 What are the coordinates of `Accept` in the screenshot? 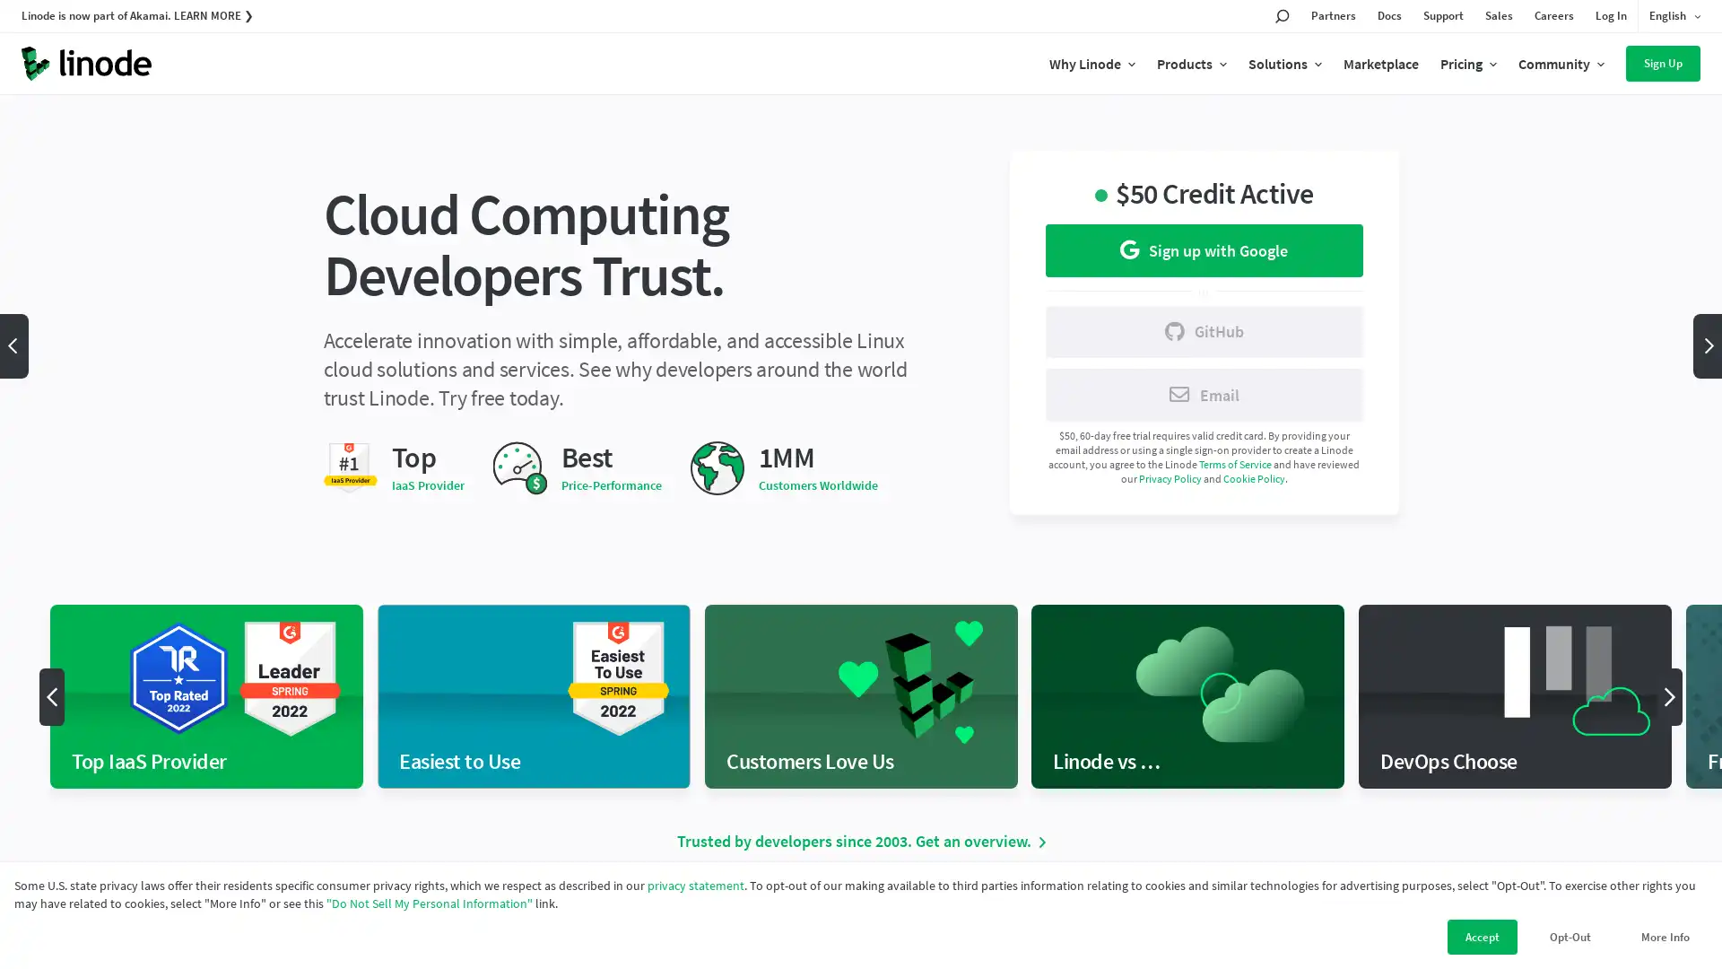 It's located at (1482, 936).